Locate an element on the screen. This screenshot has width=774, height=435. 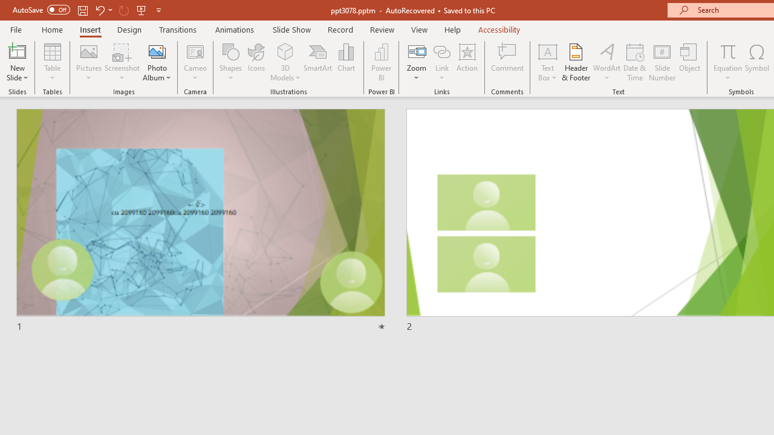
'Screenshot' is located at coordinates (122, 62).